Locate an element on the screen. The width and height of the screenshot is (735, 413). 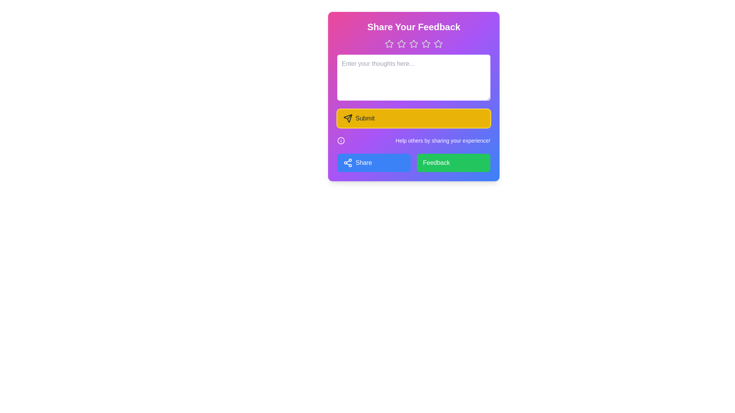
the leftmost rating star in the feedback form panel under 'Share Your Feedback' is located at coordinates (389, 44).